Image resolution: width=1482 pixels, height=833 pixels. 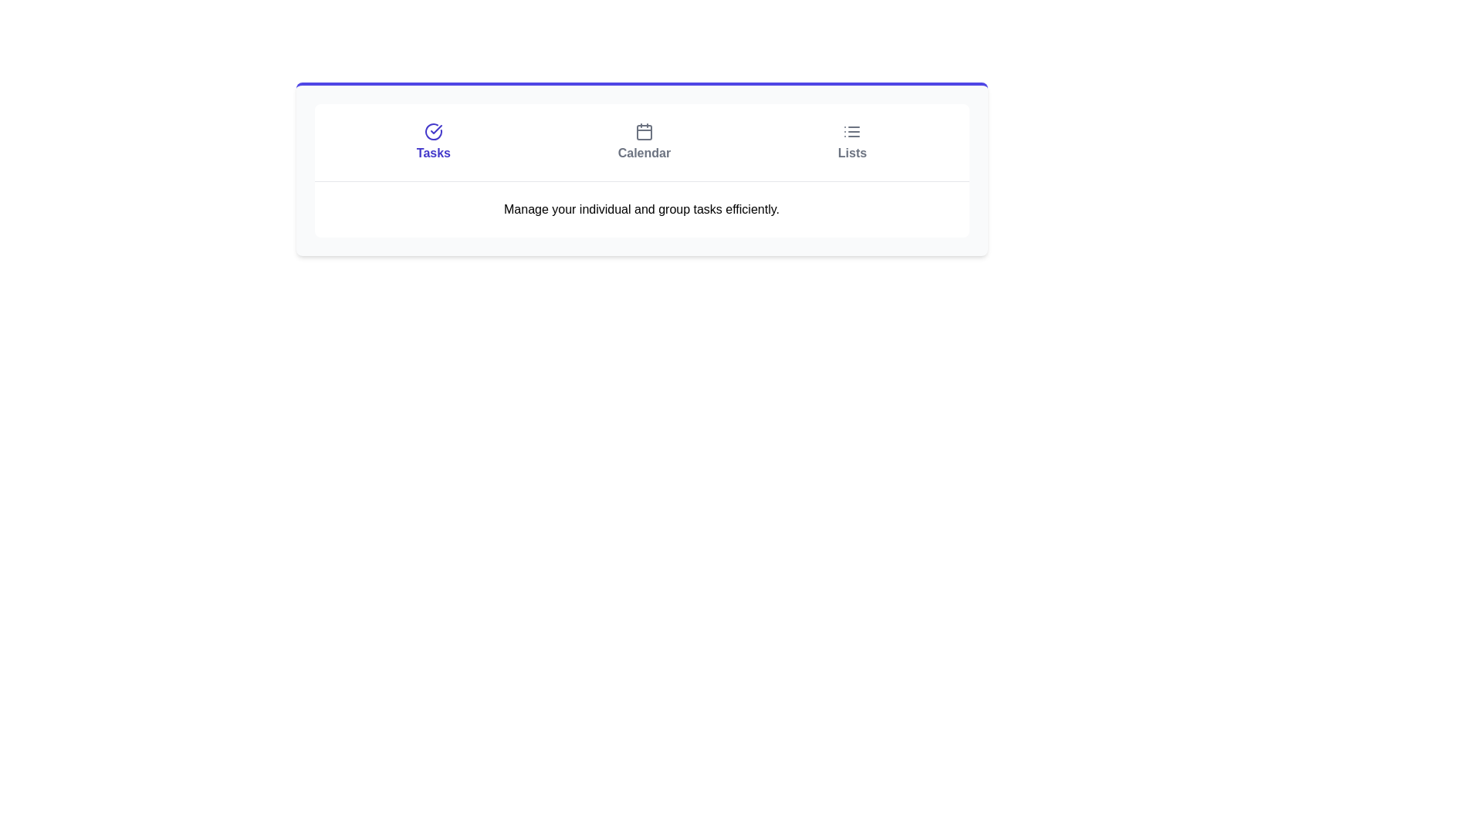 I want to click on the 'Calendar' section of the Navigation bar, so click(x=641, y=143).